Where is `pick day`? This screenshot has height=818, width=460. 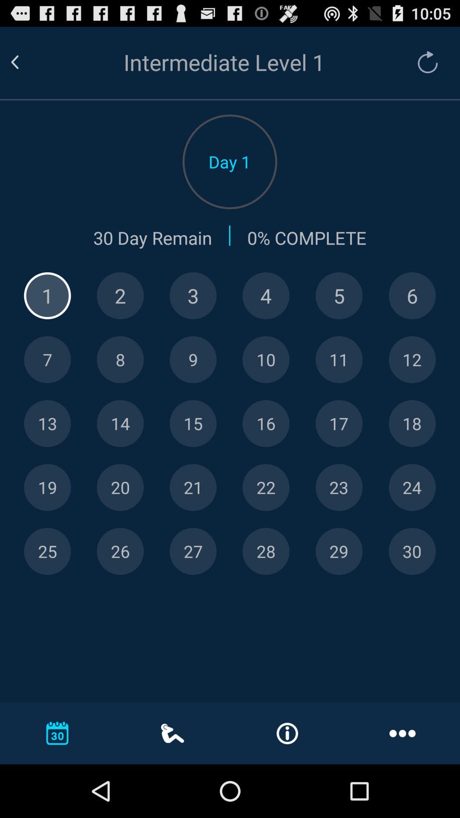 pick day is located at coordinates (265, 296).